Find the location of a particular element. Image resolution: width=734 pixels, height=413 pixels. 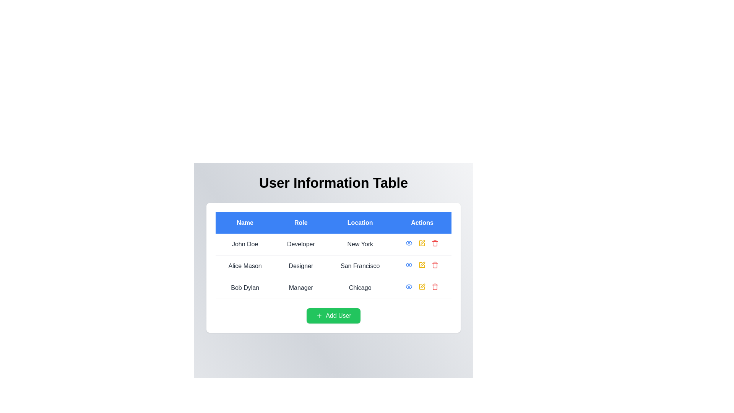

the text label representing the user's name in the first row of the user information table, which is located next to 'Developer' in the 'Role' column and 'New York' in the 'Location' column is located at coordinates (245, 244).